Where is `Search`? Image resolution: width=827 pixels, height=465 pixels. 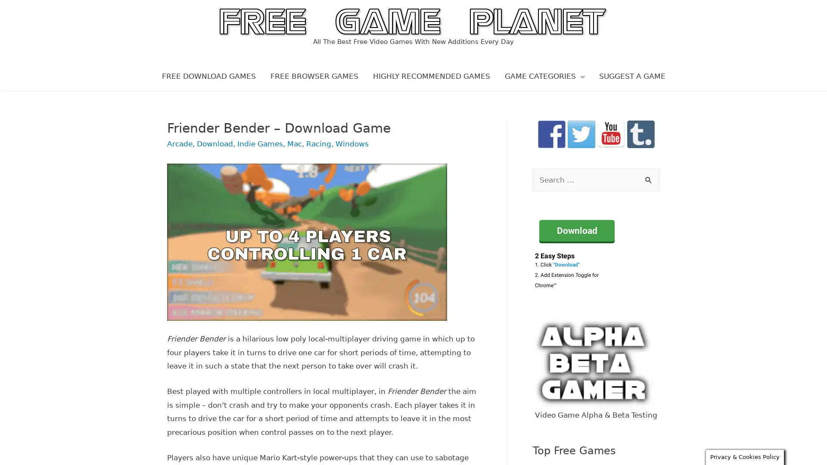 Search is located at coordinates (649, 180).